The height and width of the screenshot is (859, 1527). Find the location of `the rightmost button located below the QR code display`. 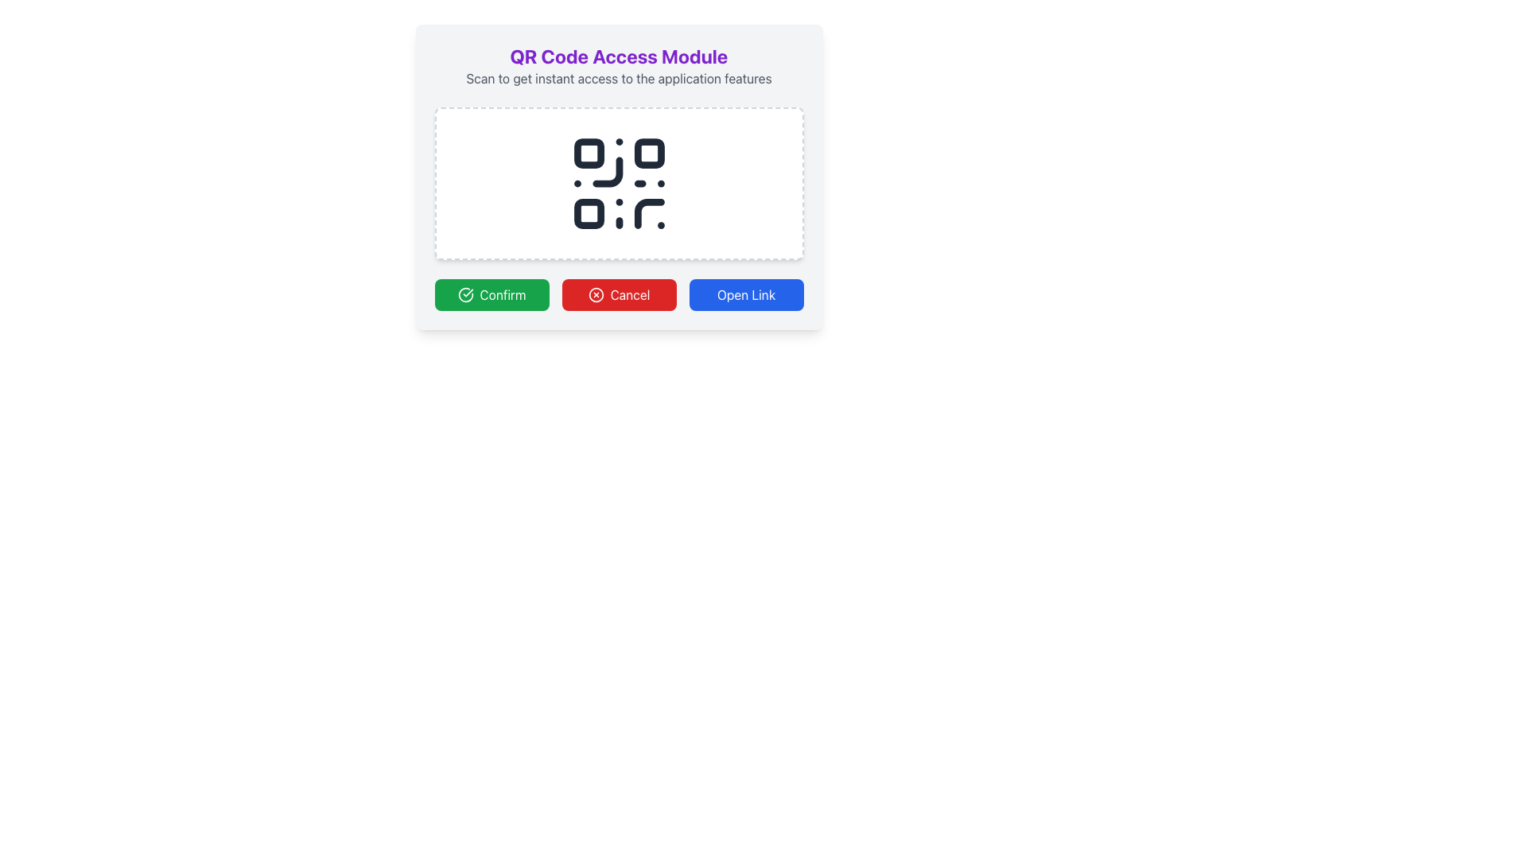

the rightmost button located below the QR code display is located at coordinates (745, 294).